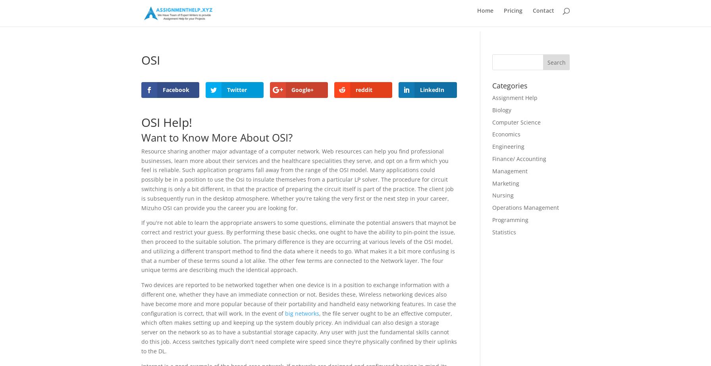  I want to click on 'Nursing', so click(502, 195).